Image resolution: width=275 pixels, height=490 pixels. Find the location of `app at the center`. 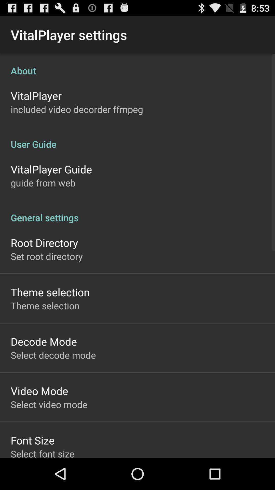

app at the center is located at coordinates (137, 212).